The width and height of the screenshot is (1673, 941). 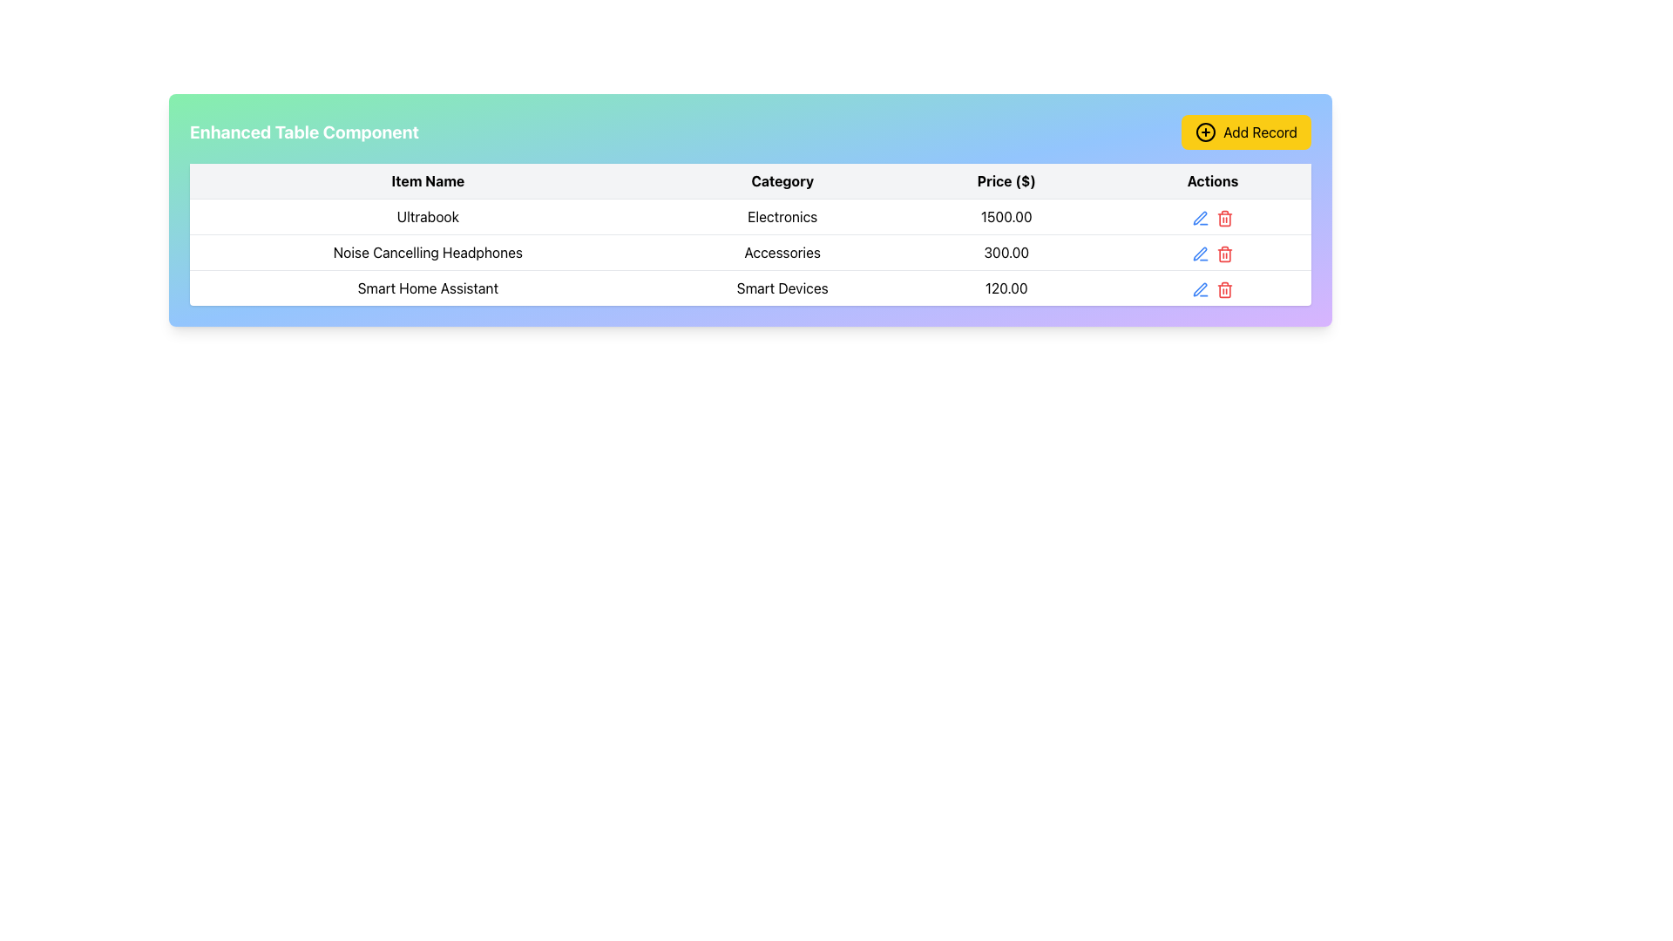 I want to click on the red trash can icon in the Actions column of the second row, so click(x=1223, y=252).